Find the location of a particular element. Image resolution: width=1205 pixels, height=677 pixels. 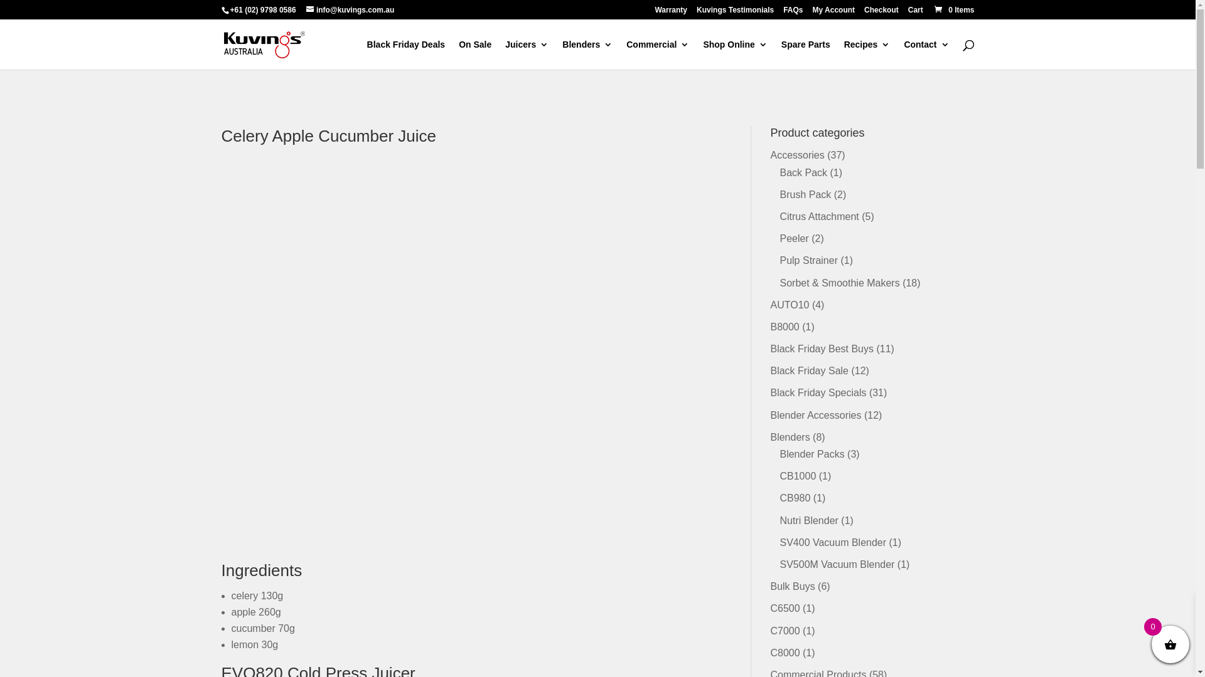

'My Account' is located at coordinates (834, 13).